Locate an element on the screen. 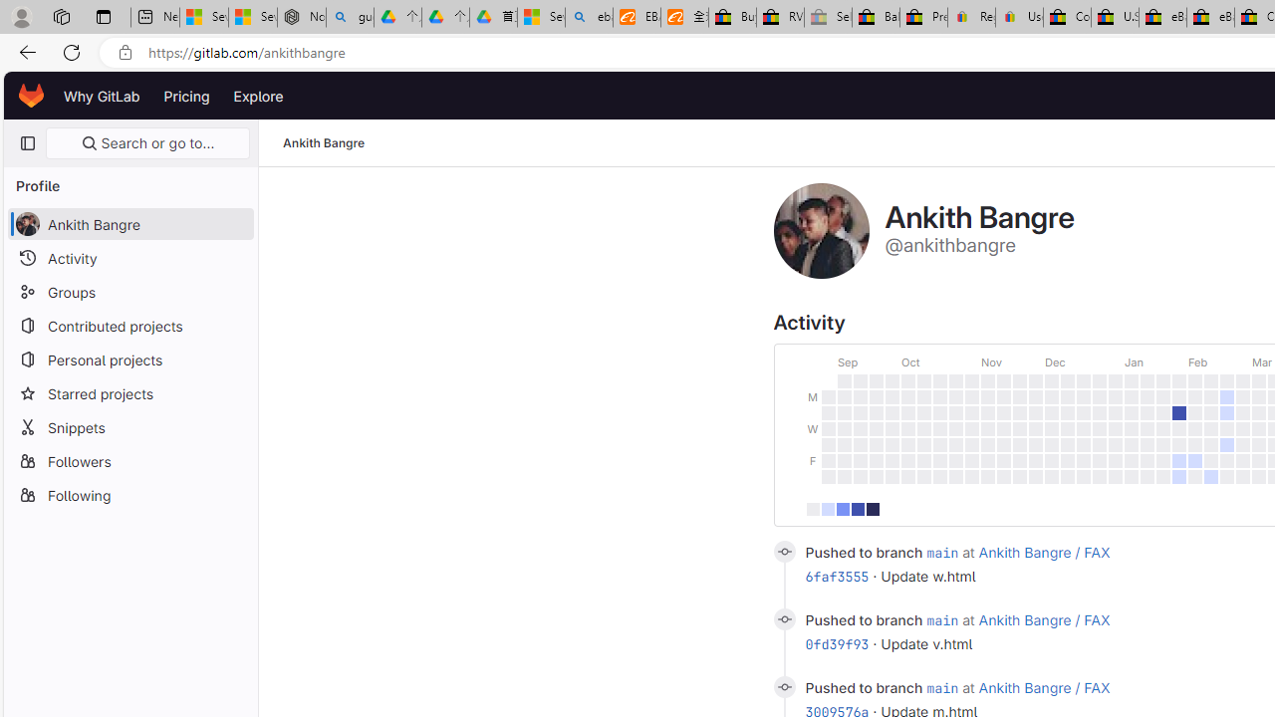 The width and height of the screenshot is (1275, 717). 'Why GitLab' is located at coordinates (101, 96).